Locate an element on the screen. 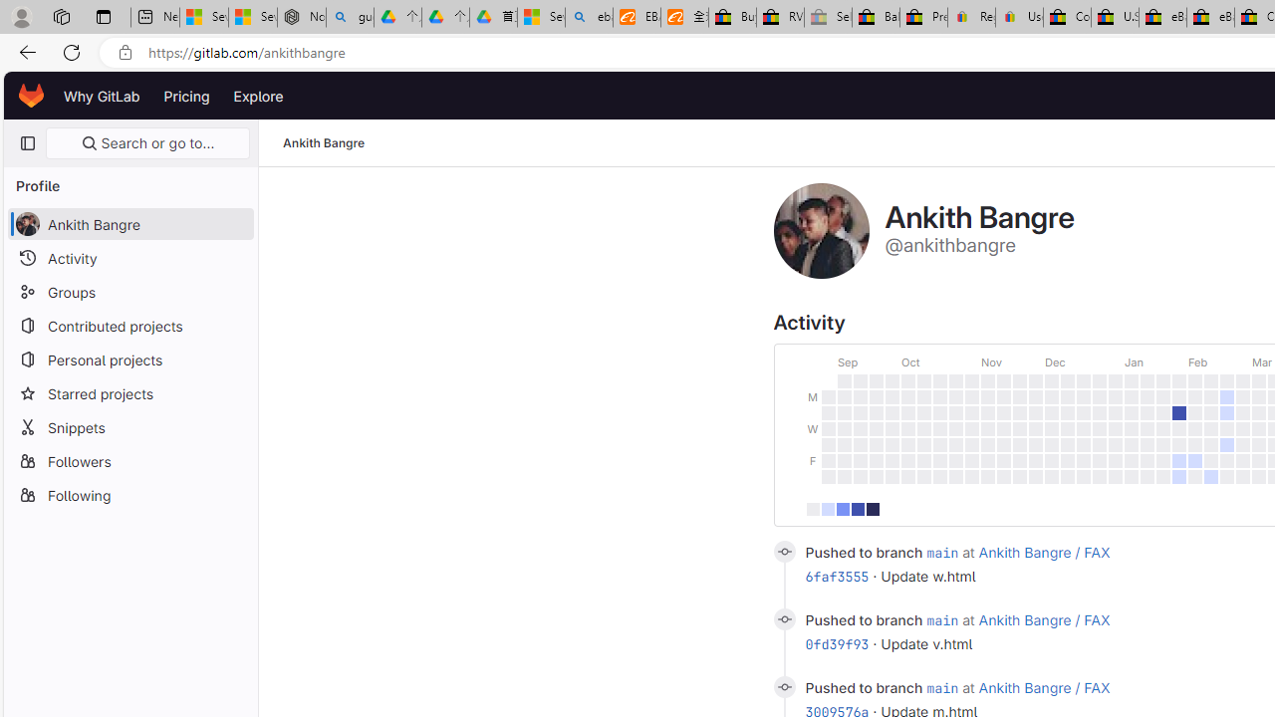 The width and height of the screenshot is (1275, 717). 'Why GitLab' is located at coordinates (101, 96).